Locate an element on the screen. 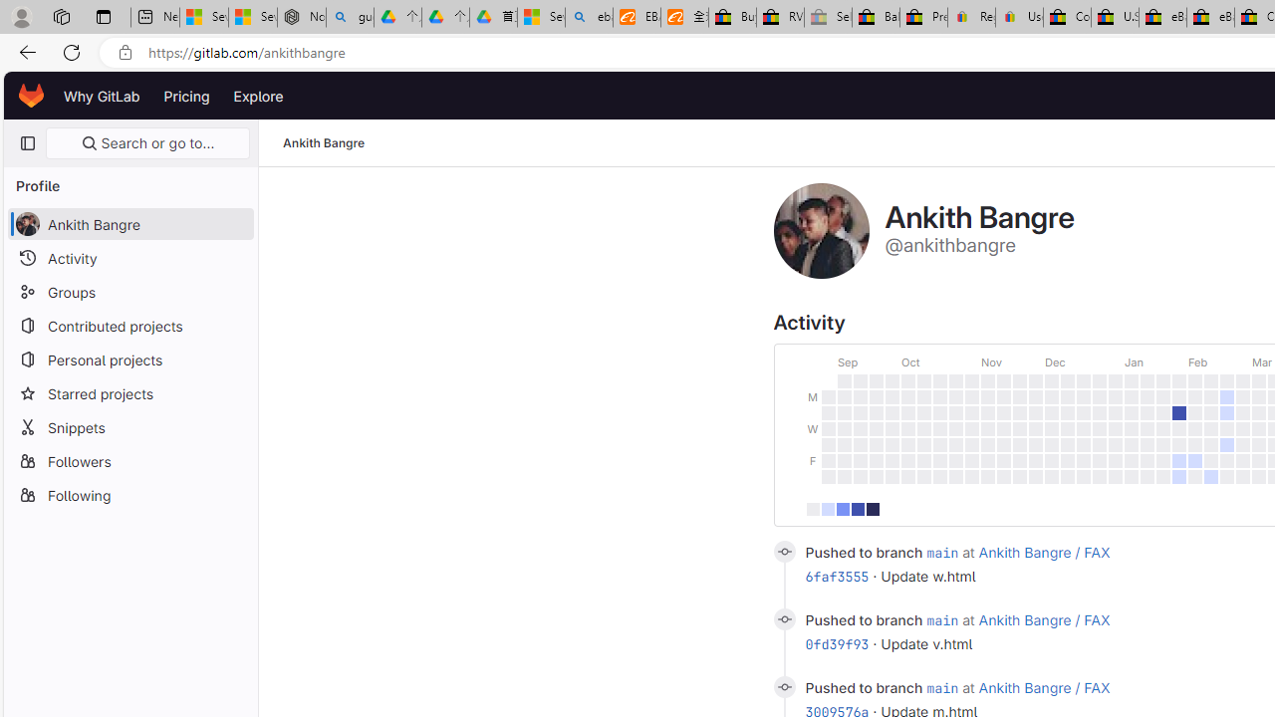 The width and height of the screenshot is (1275, 717). 'Why GitLab' is located at coordinates (101, 96).